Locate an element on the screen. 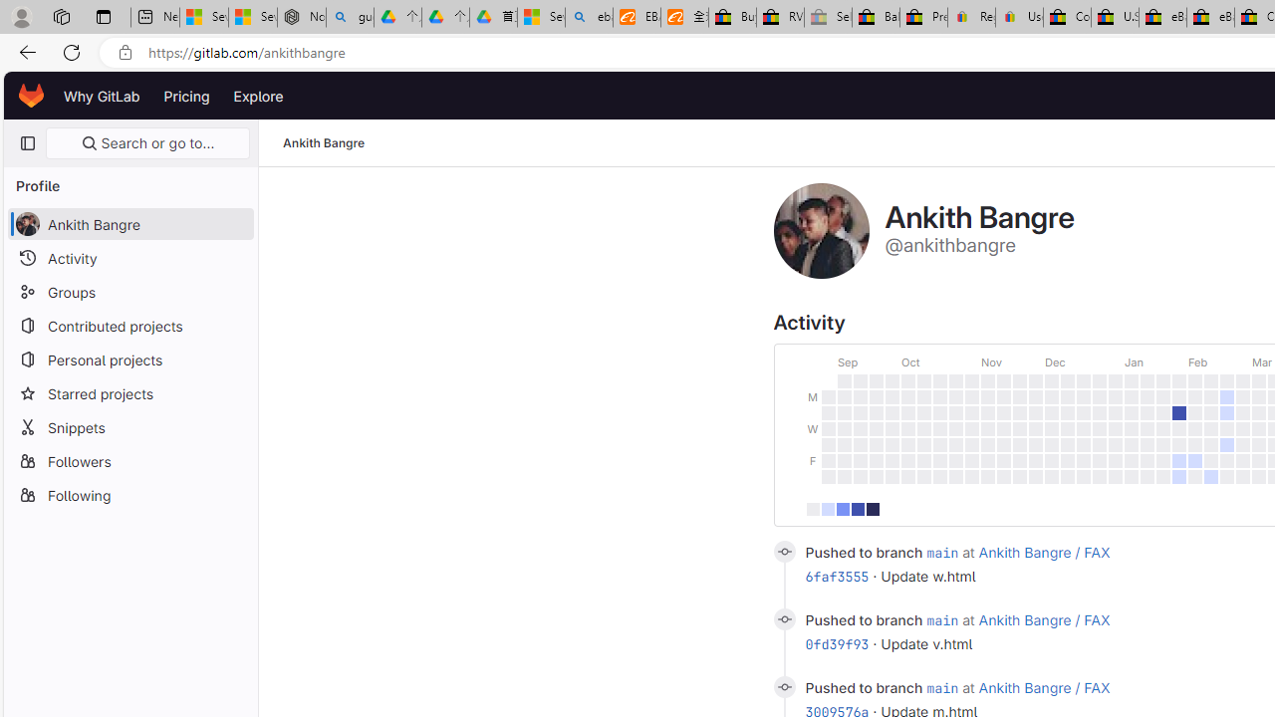 The width and height of the screenshot is (1275, 717). 'Why GitLab' is located at coordinates (101, 96).